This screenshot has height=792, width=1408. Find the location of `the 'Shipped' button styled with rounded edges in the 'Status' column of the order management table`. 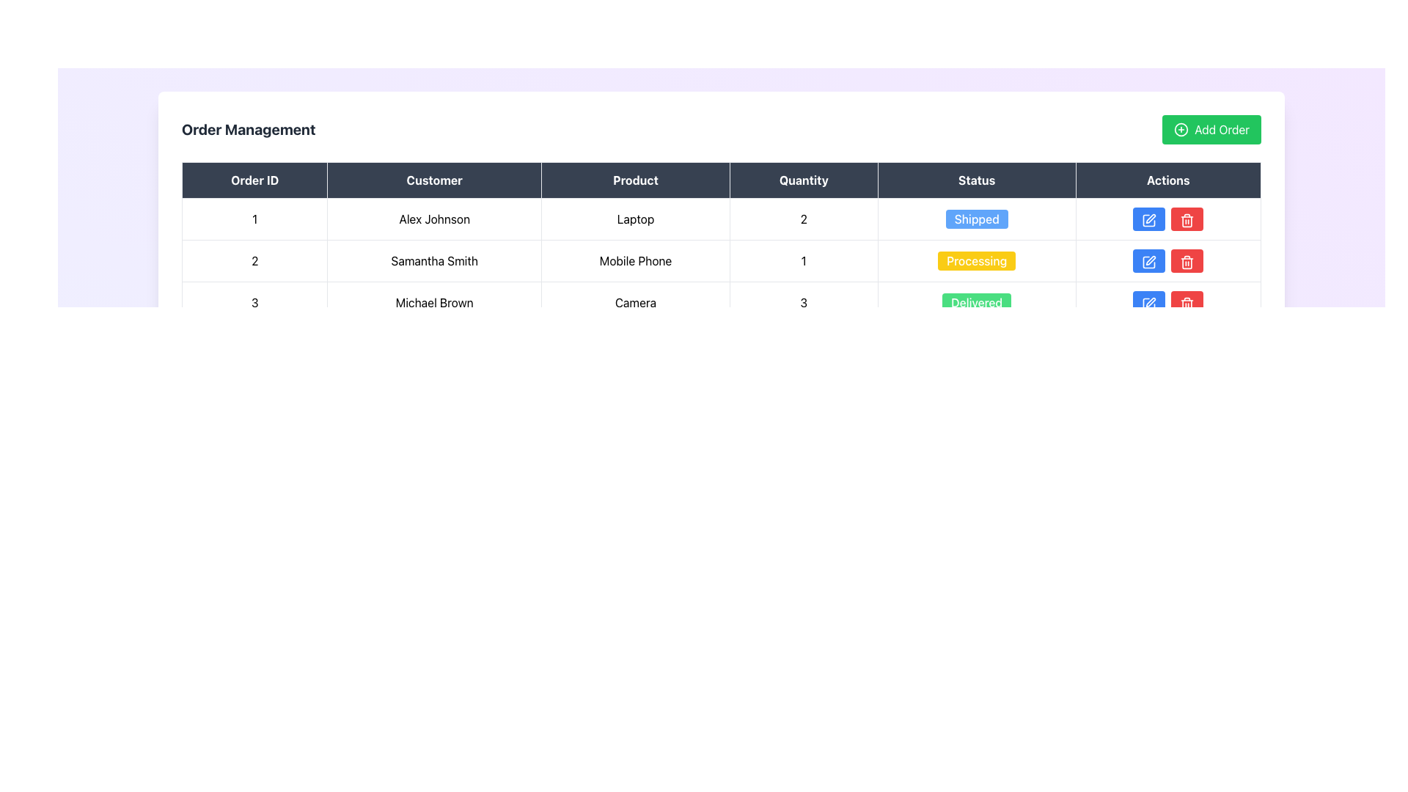

the 'Shipped' button styled with rounded edges in the 'Status' column of the order management table is located at coordinates (977, 219).